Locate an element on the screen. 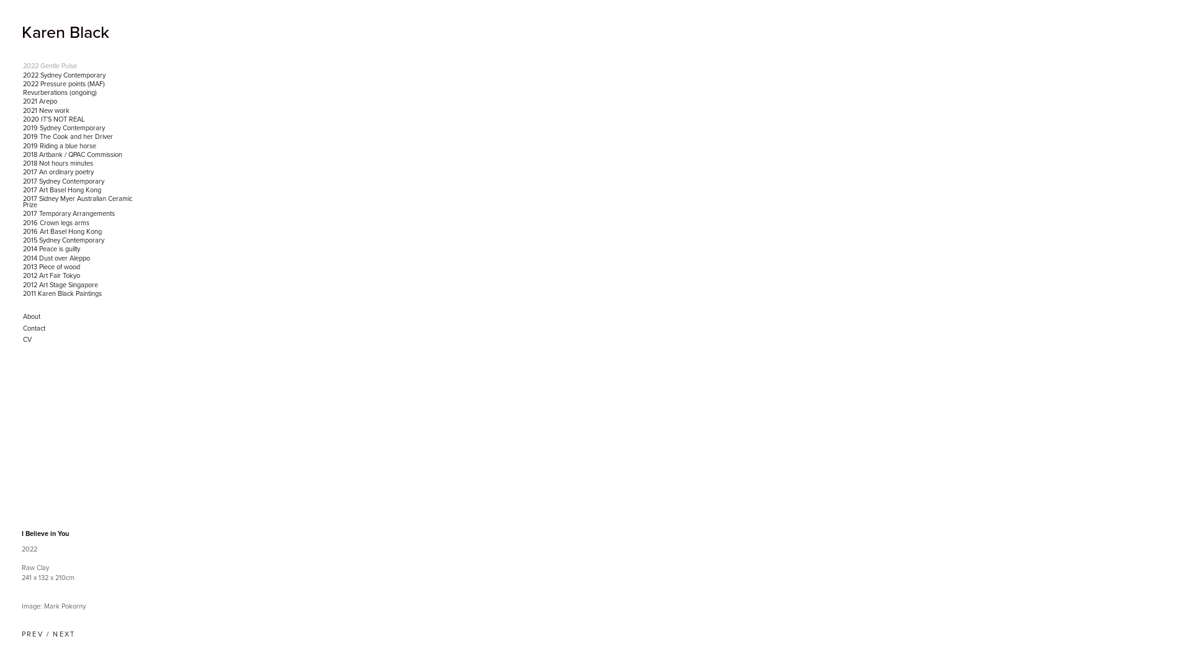  '2018 Not hours minutes' is located at coordinates (79, 163).